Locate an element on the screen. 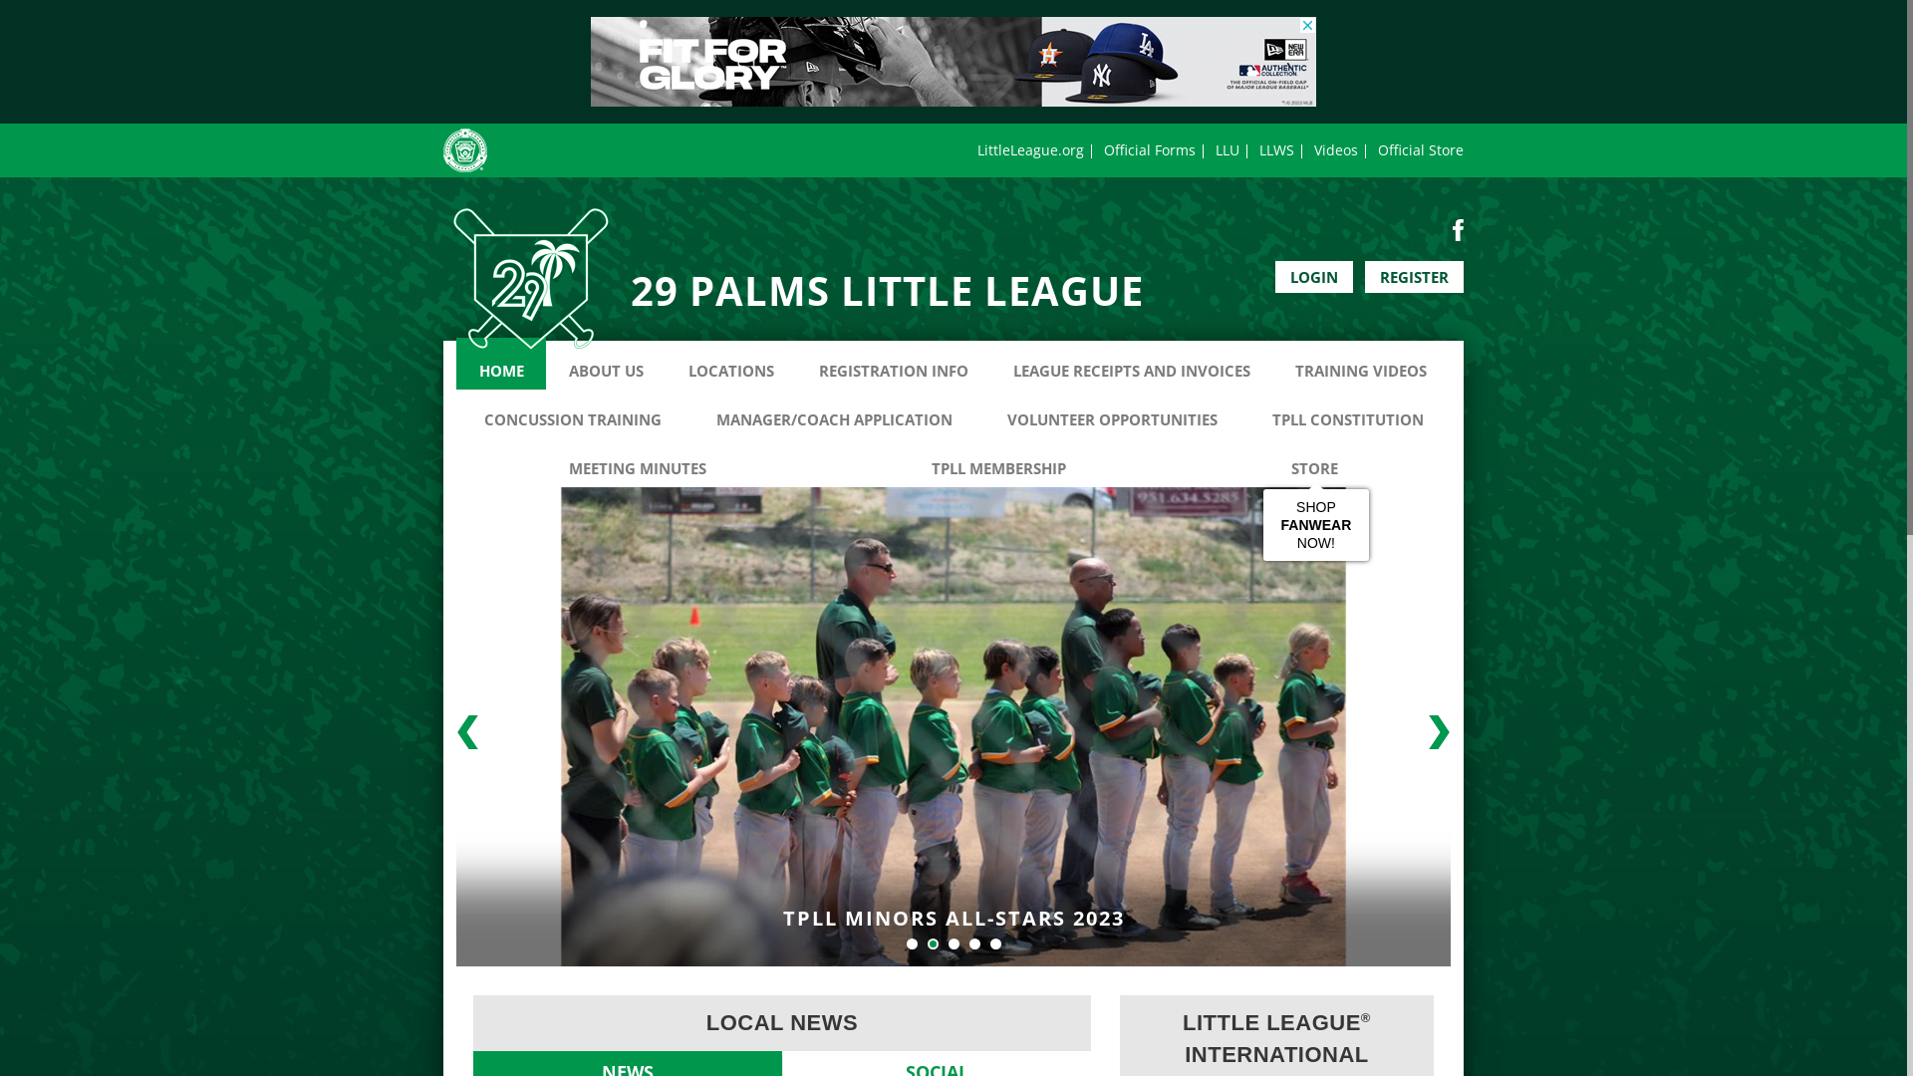 Image resolution: width=1913 pixels, height=1076 pixels. 'Facebook' is located at coordinates (1458, 228).